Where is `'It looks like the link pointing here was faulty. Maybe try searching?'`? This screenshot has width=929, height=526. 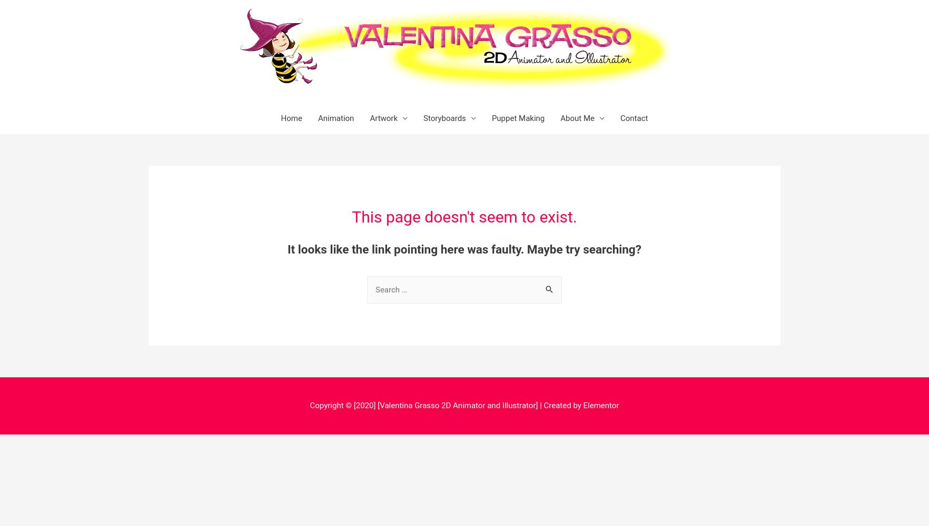
'It looks like the link pointing here was faulty. Maybe try searching?' is located at coordinates (464, 248).